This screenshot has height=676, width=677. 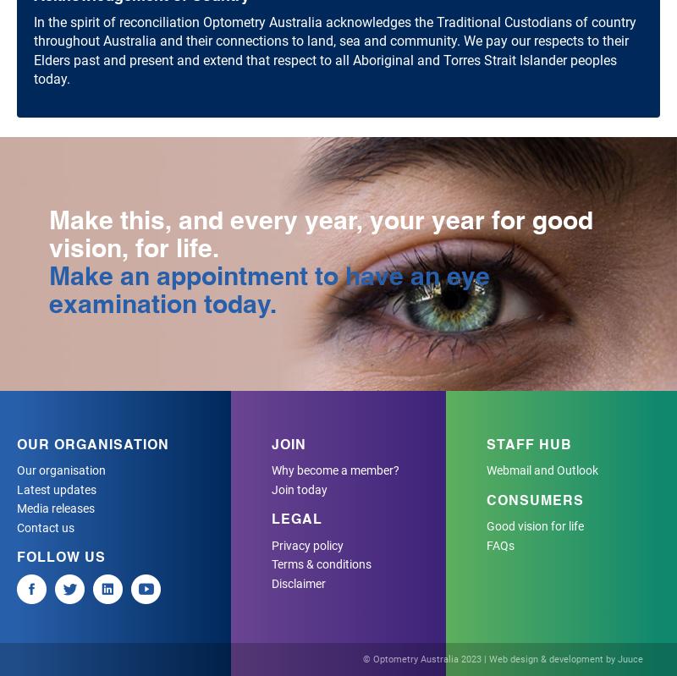 I want to click on 'FAQs', so click(x=498, y=544).